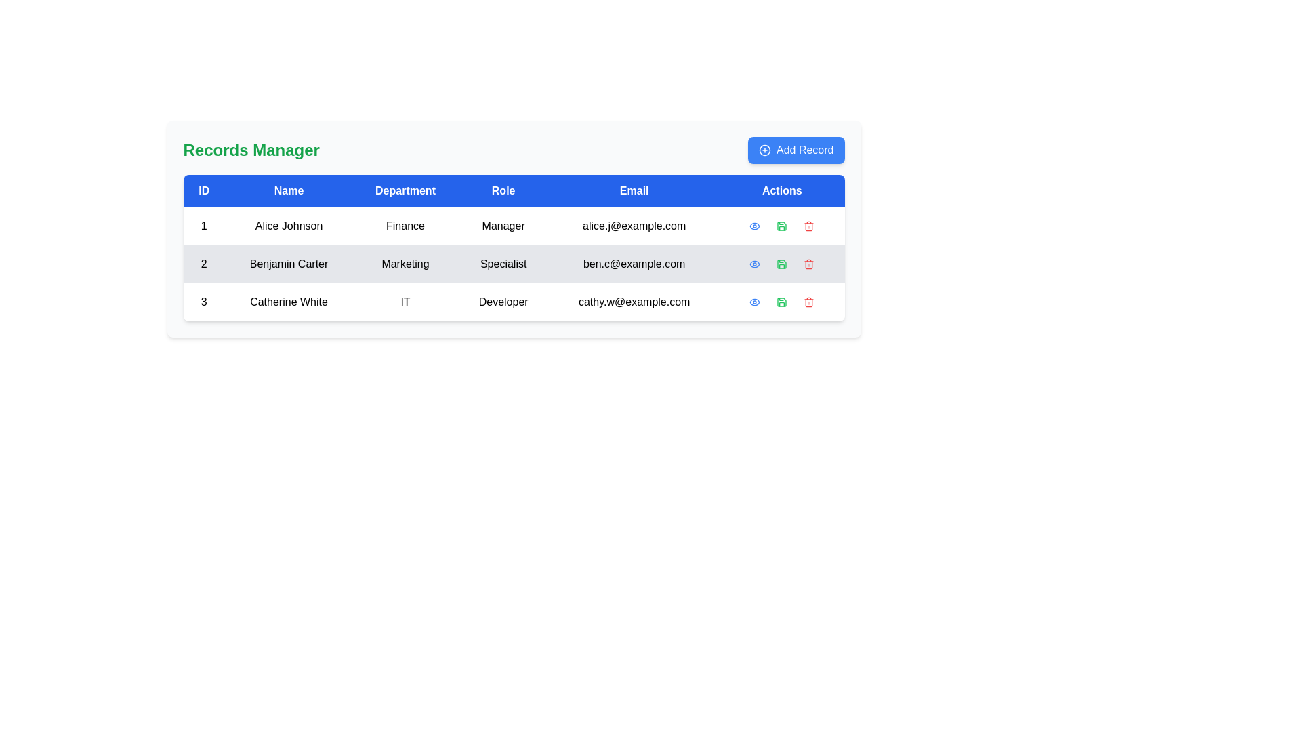 The image size is (1301, 732). Describe the element at coordinates (288, 226) in the screenshot. I see `the text label 'Alice Johnson' located in the first row of the data table under the 'Name' column` at that location.